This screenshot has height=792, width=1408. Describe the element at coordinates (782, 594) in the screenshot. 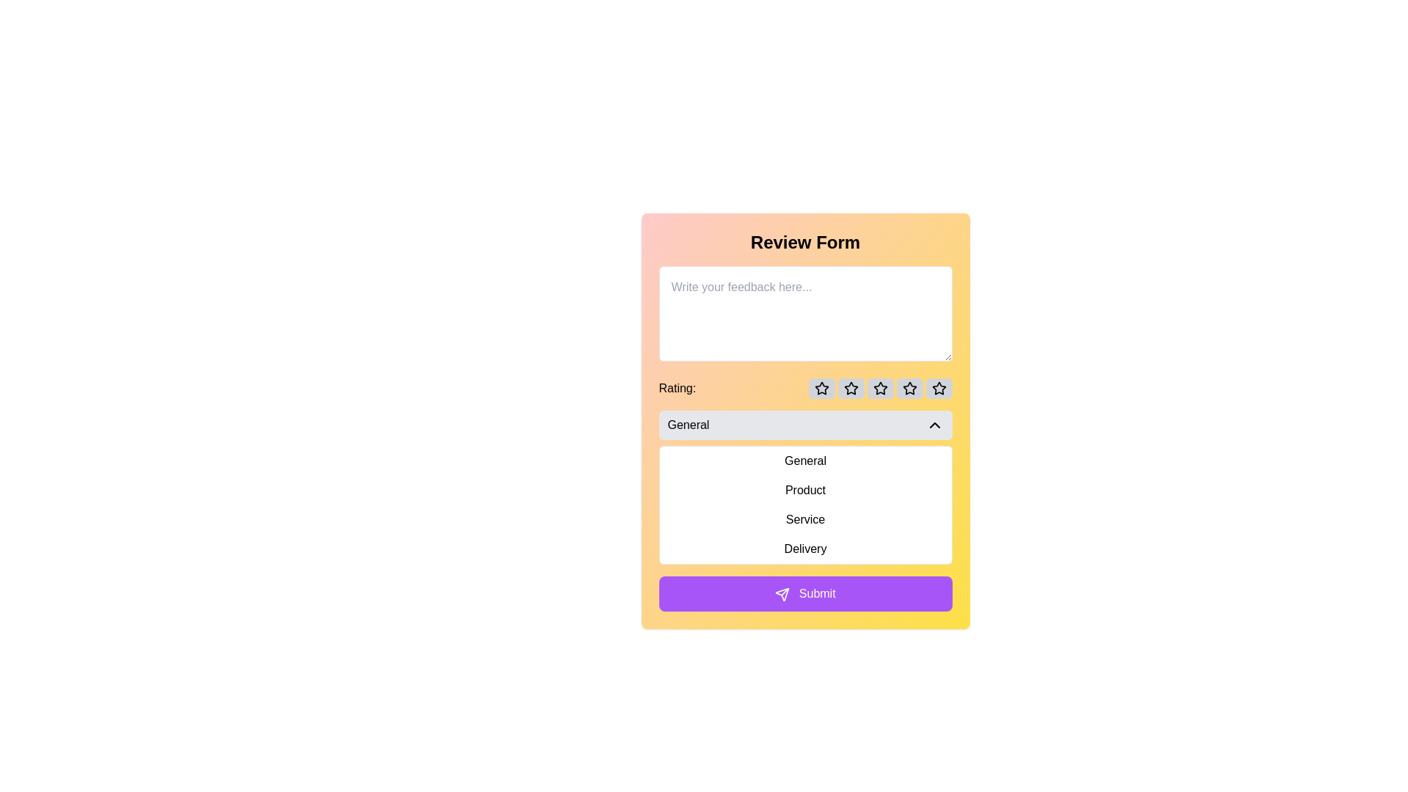

I see `the triangular-shaped icon with a purple background and white border` at that location.